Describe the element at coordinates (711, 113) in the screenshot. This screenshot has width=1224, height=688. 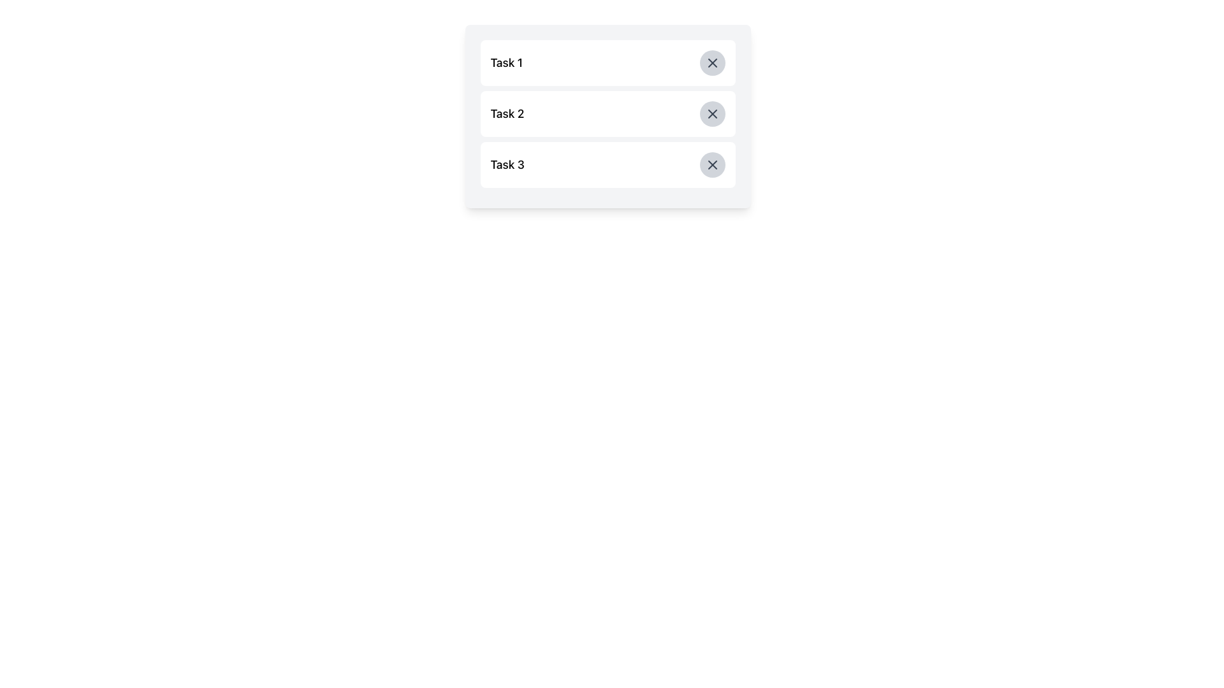
I see `the circular gray button with a dark gray 'X' icon, which is the second button in a vertical list of tasks` at that location.